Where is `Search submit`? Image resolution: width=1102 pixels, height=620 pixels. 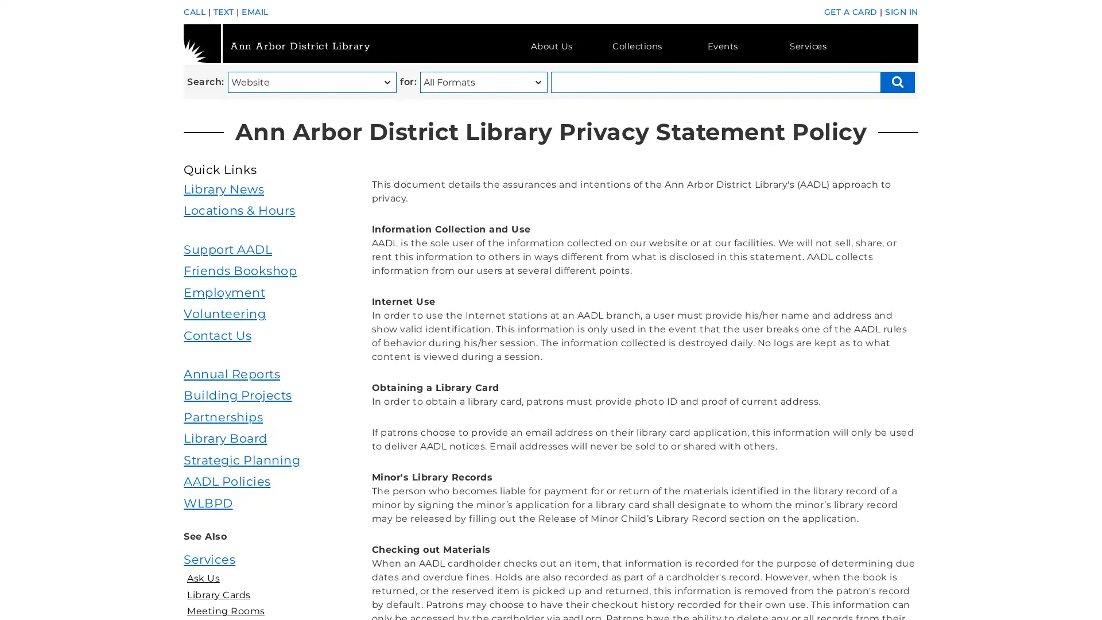
Search submit is located at coordinates (897, 82).